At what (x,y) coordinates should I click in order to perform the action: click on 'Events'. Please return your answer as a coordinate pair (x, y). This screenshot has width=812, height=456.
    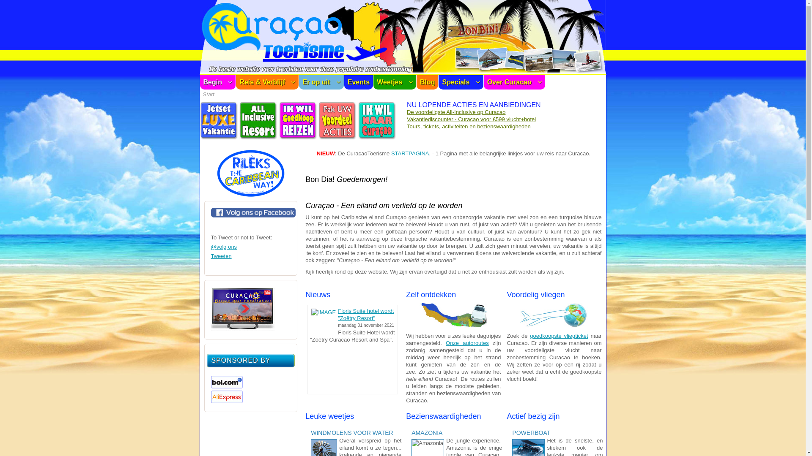
    Looking at the image, I should click on (344, 82).